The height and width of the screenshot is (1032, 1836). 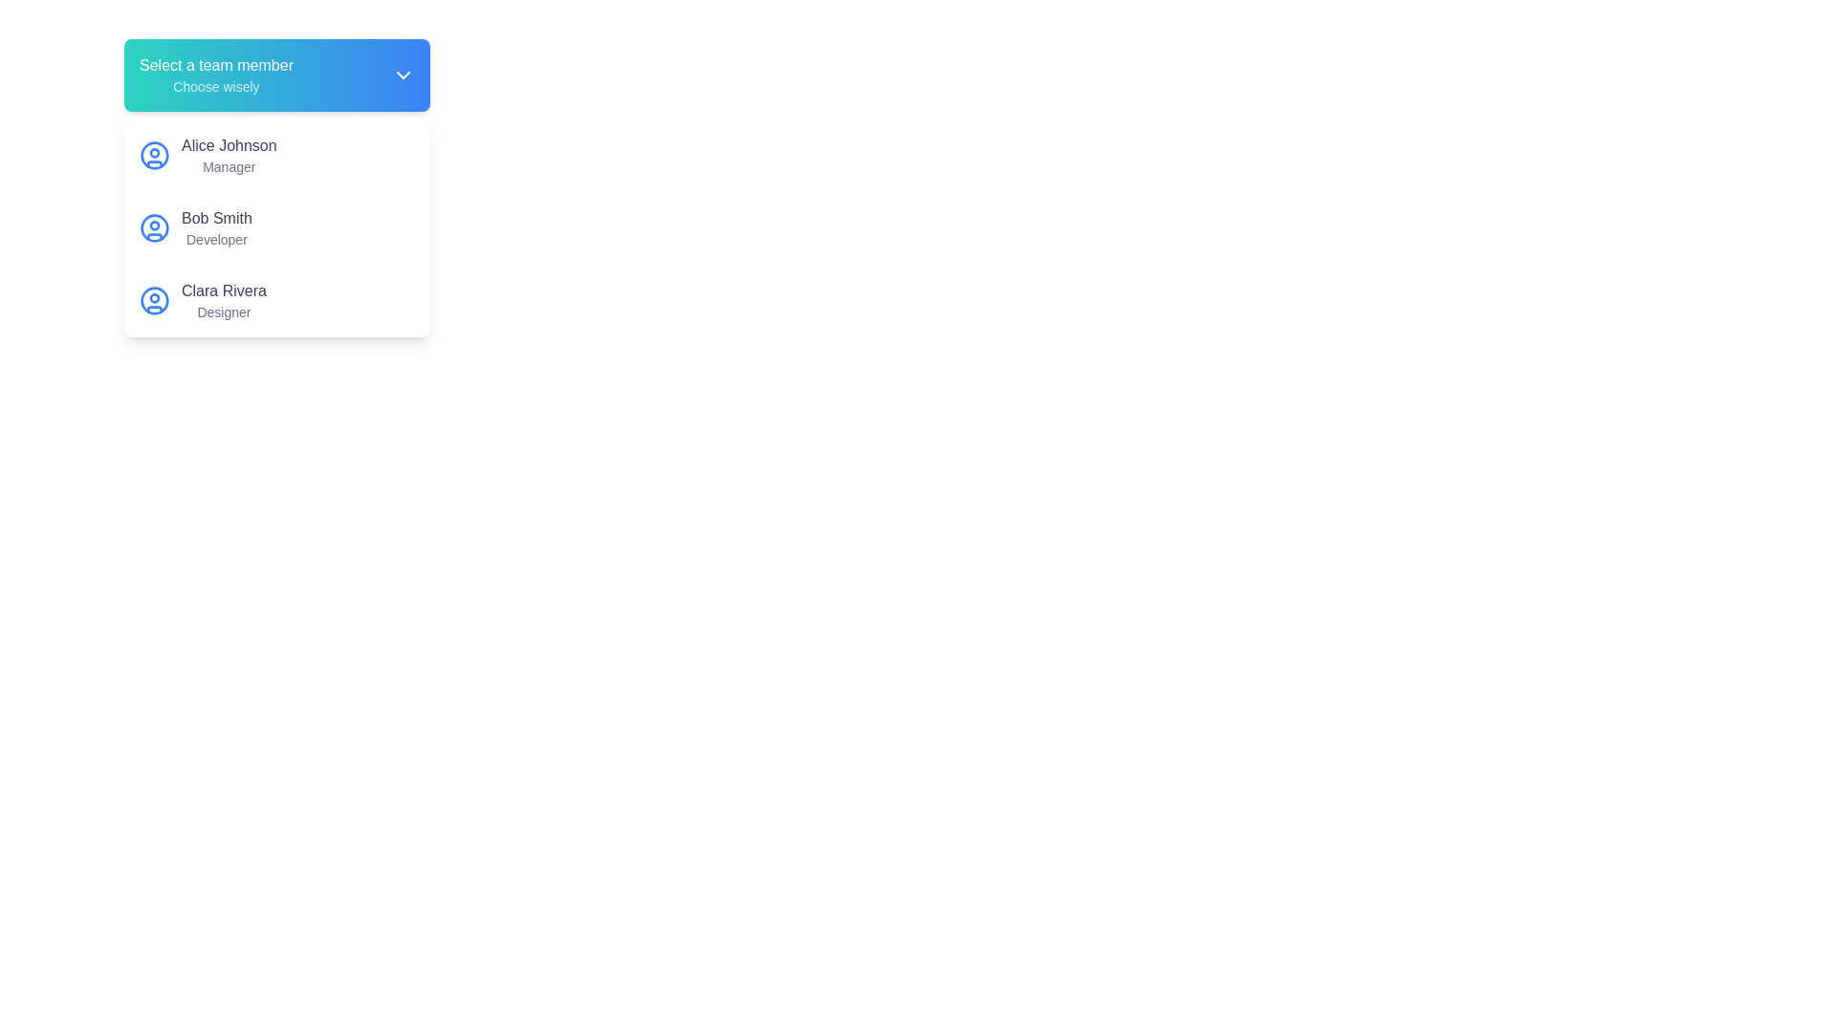 I want to click on the Text label that serves as a title and subtitle for the dropdown button, indicating its function as a selection field for choosing a team member, so click(x=216, y=74).